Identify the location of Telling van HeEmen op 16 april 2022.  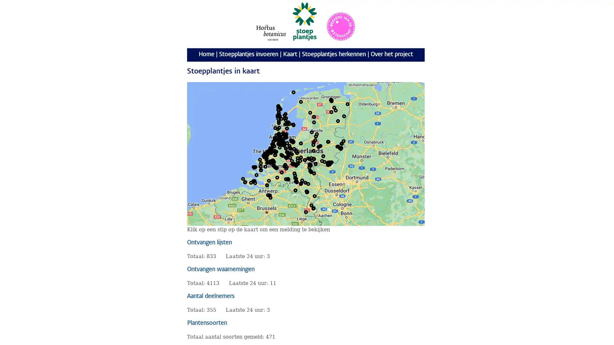
(334, 107).